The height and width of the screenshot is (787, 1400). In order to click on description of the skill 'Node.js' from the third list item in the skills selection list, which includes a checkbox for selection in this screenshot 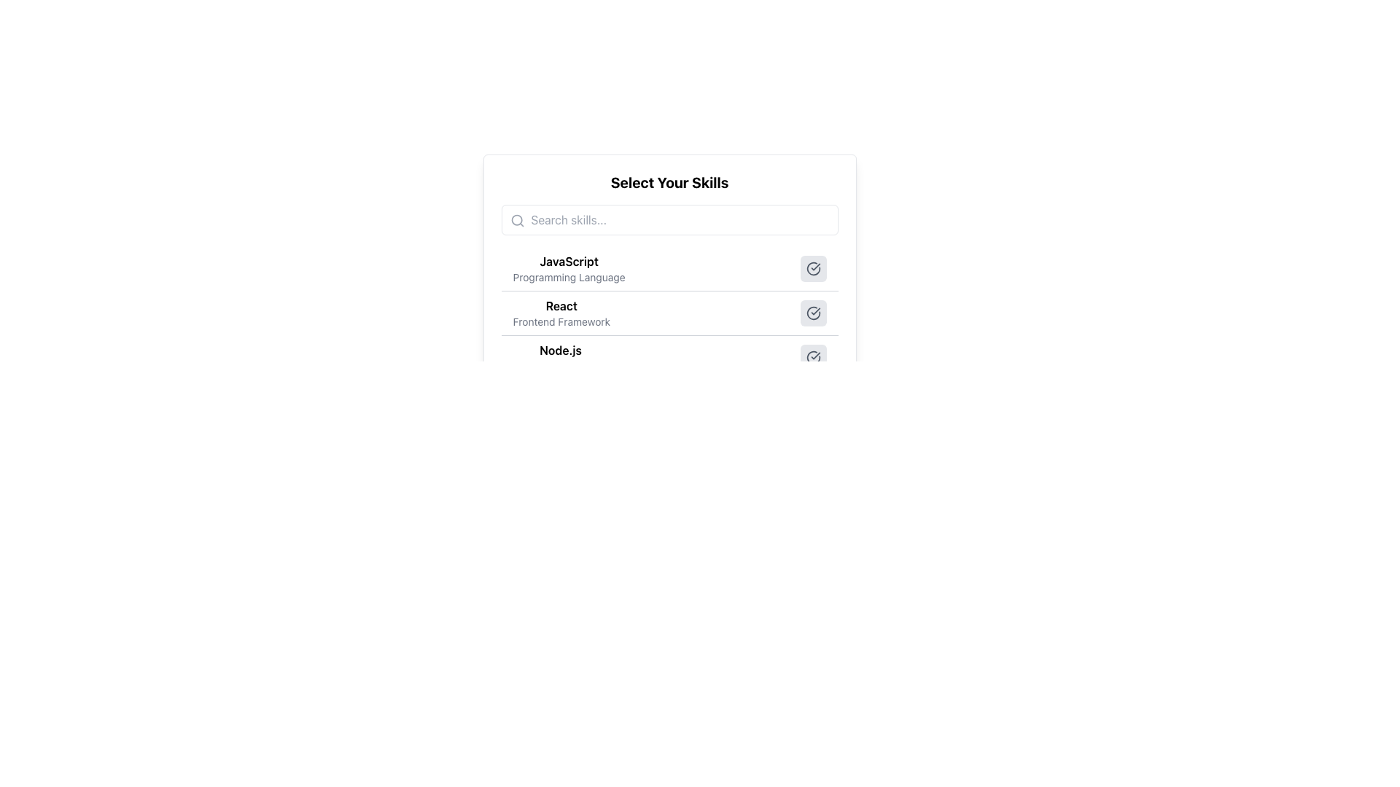, I will do `click(669, 357)`.